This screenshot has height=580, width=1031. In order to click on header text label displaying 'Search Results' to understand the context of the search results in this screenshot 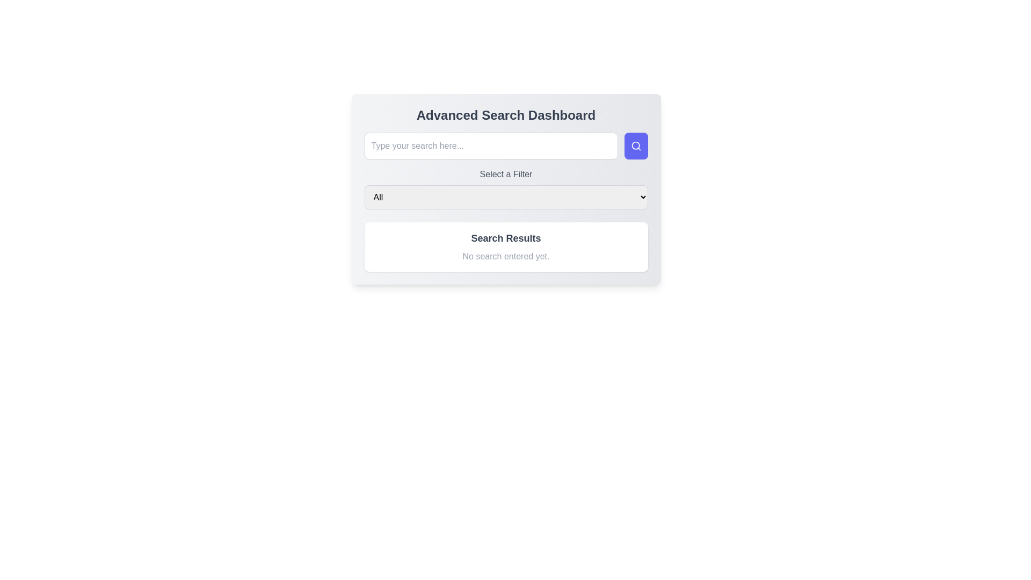, I will do `click(505, 237)`.